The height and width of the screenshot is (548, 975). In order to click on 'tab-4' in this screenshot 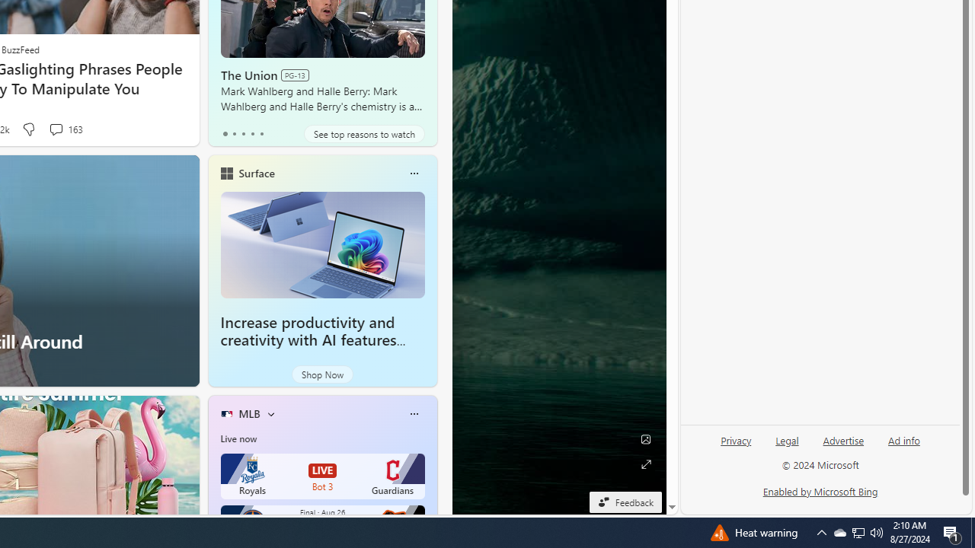, I will do `click(261, 133)`.